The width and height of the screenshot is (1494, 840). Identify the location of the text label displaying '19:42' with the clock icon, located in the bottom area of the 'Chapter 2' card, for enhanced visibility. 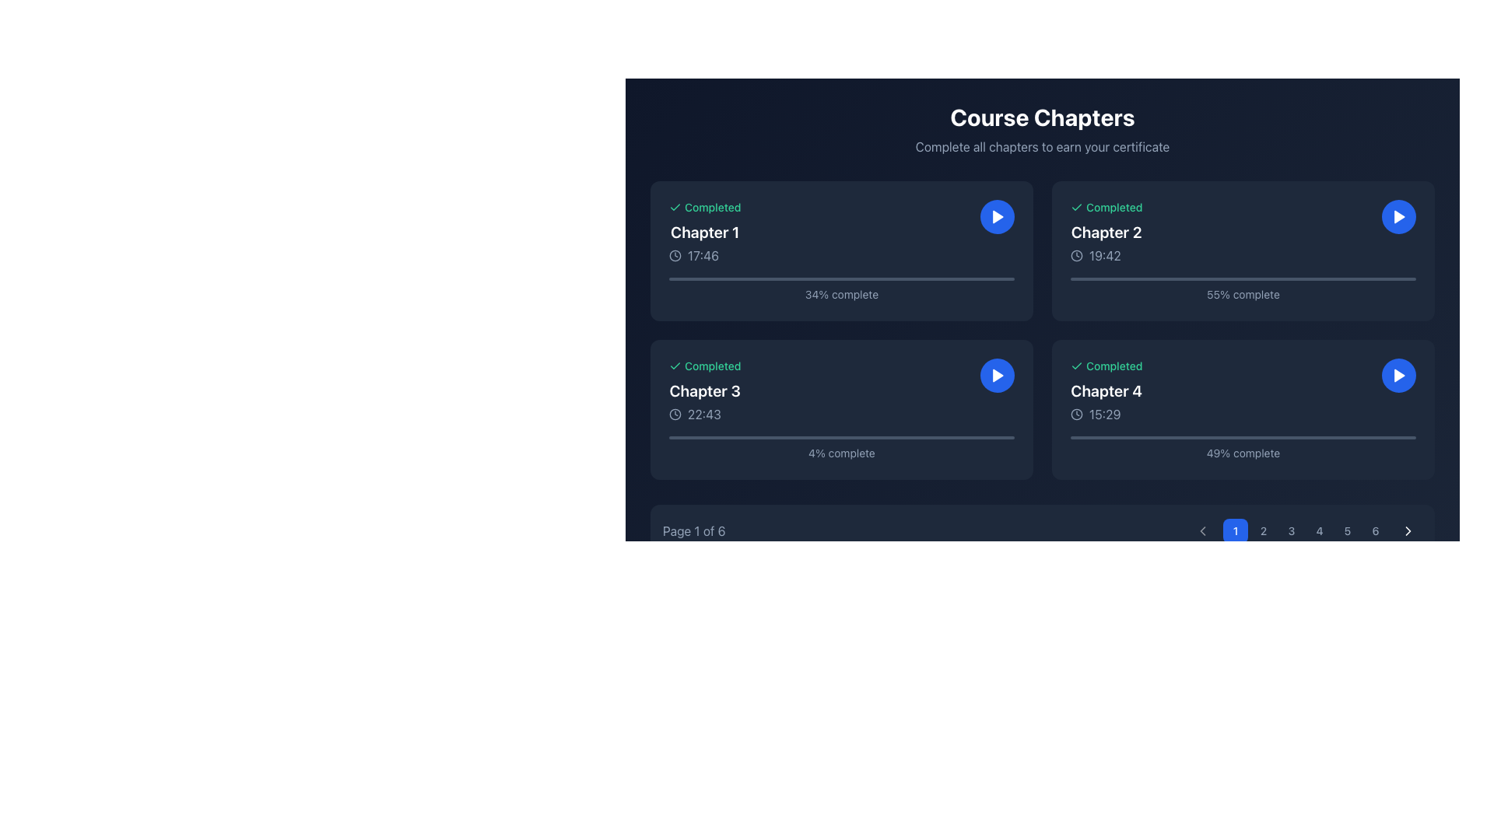
(1106, 254).